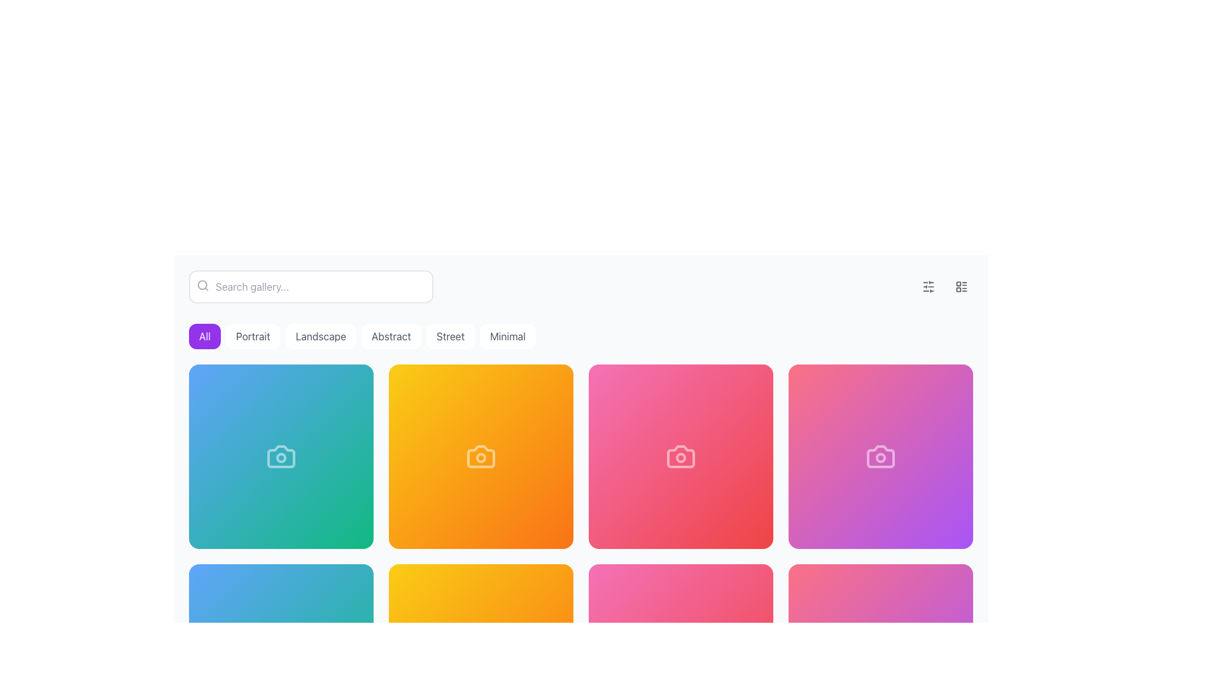 This screenshot has width=1222, height=687. Describe the element at coordinates (880, 455) in the screenshot. I see `the SVG camera icon, which features a circular lens and a rounded rectangular body, located at the center of the gradient pink-purple tile in the second column of the second row of the gallery interface` at that location.